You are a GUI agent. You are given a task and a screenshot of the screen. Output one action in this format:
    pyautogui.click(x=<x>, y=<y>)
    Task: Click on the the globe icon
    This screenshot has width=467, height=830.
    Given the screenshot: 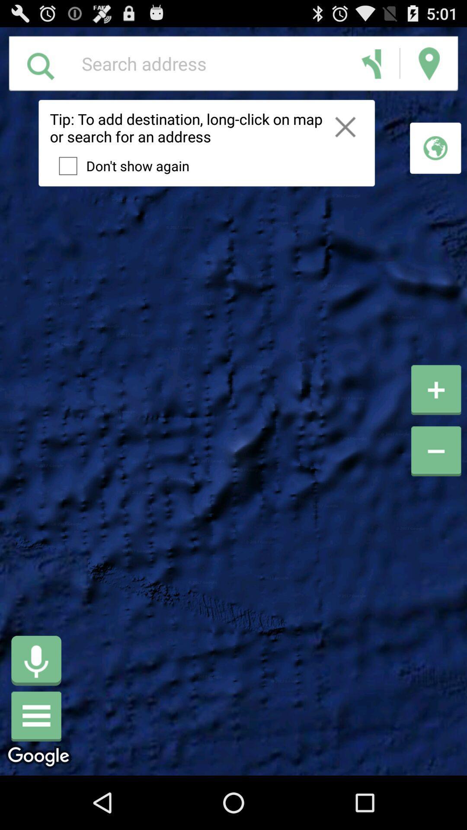 What is the action you would take?
    pyautogui.click(x=435, y=158)
    